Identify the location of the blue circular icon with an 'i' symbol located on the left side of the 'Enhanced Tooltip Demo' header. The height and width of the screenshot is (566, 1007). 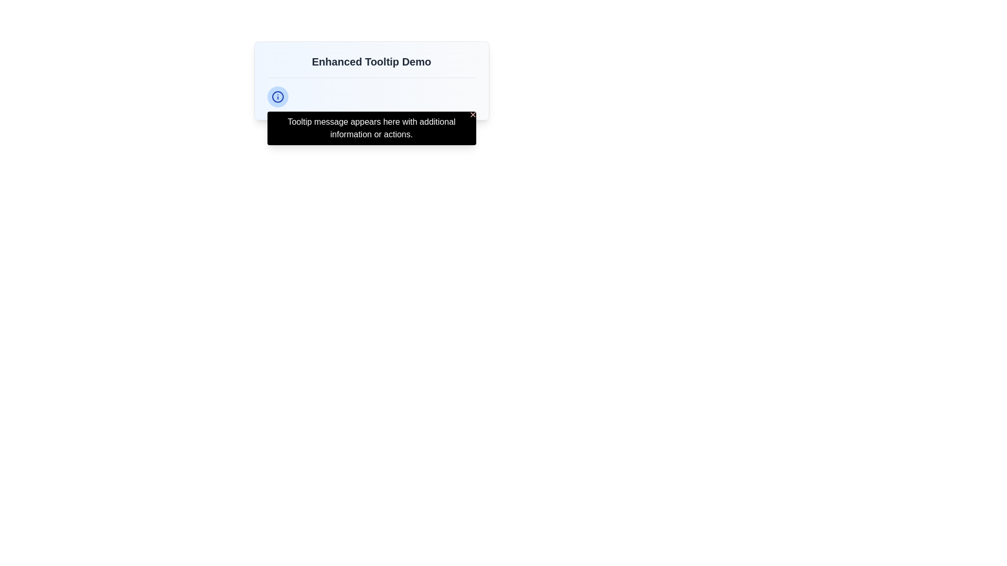
(277, 97).